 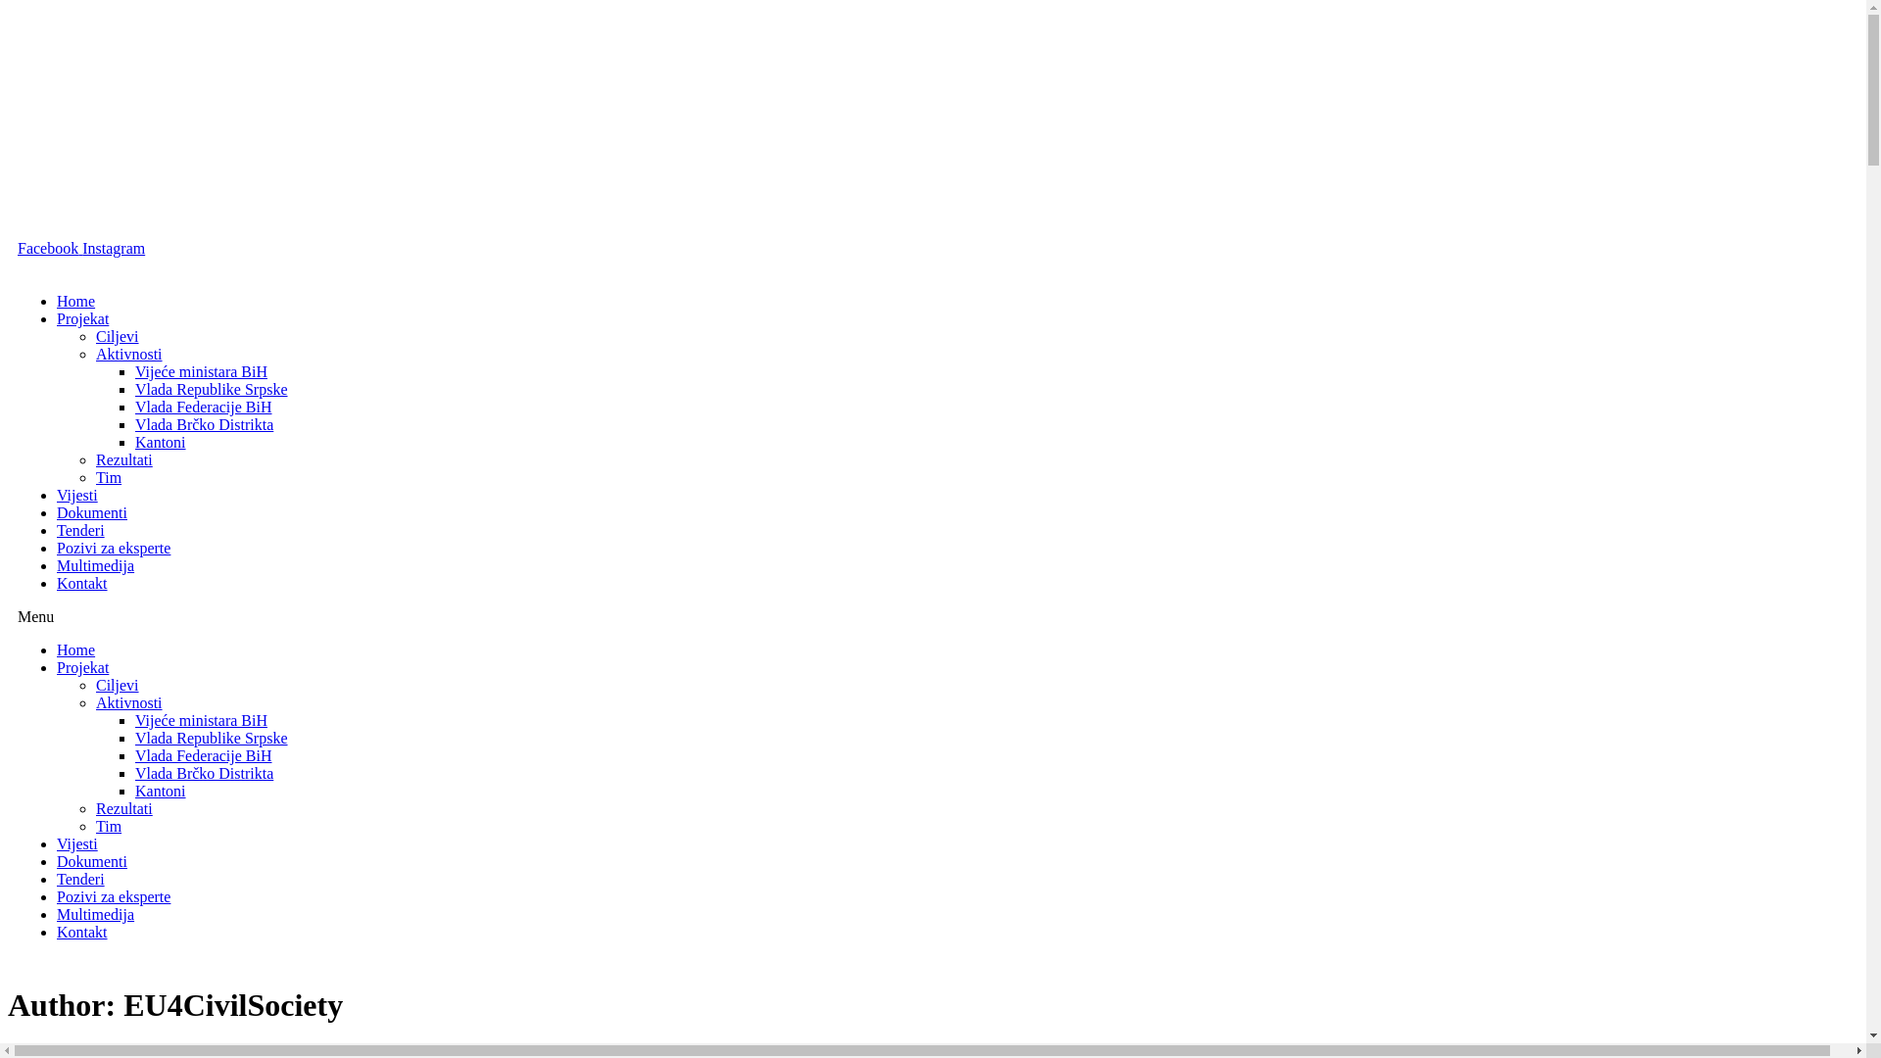 I want to click on 'Vijesti', so click(x=56, y=842).